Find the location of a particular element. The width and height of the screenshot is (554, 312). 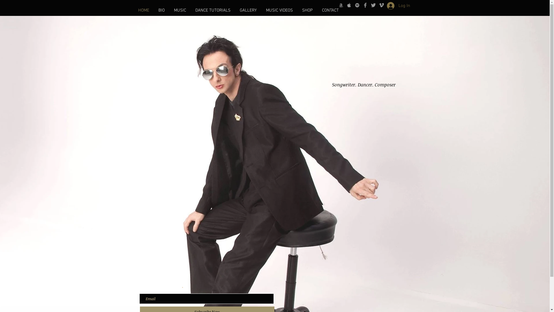

'MUSIC' is located at coordinates (169, 10).